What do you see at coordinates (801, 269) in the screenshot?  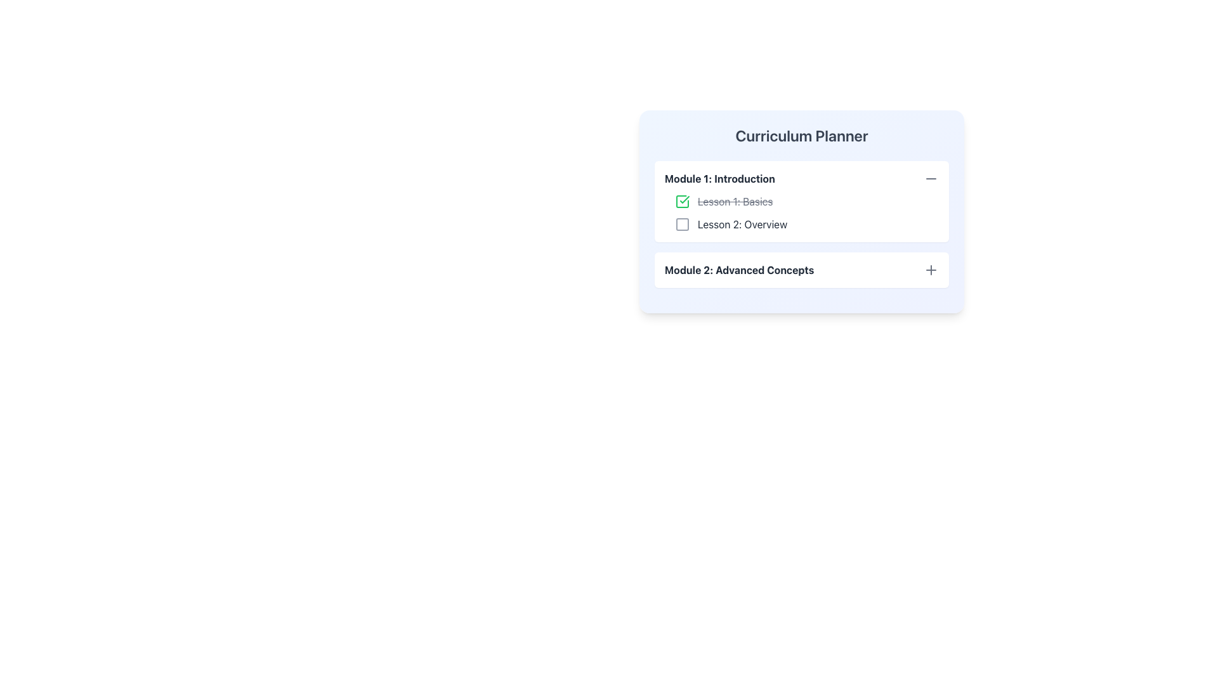 I see `the Interactive module entry labeled 'Module 2: Advanced Concepts'` at bounding box center [801, 269].